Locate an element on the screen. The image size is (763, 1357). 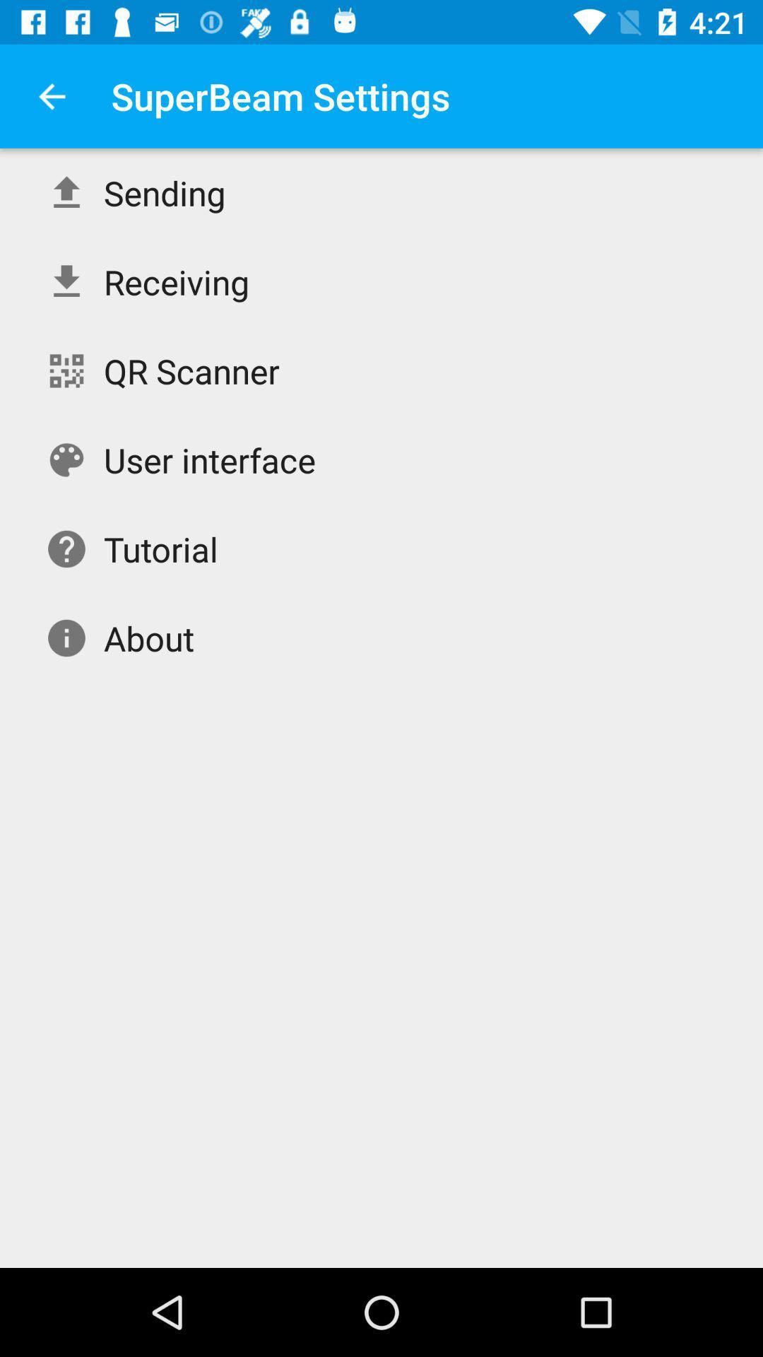
qr scanner item is located at coordinates (191, 370).